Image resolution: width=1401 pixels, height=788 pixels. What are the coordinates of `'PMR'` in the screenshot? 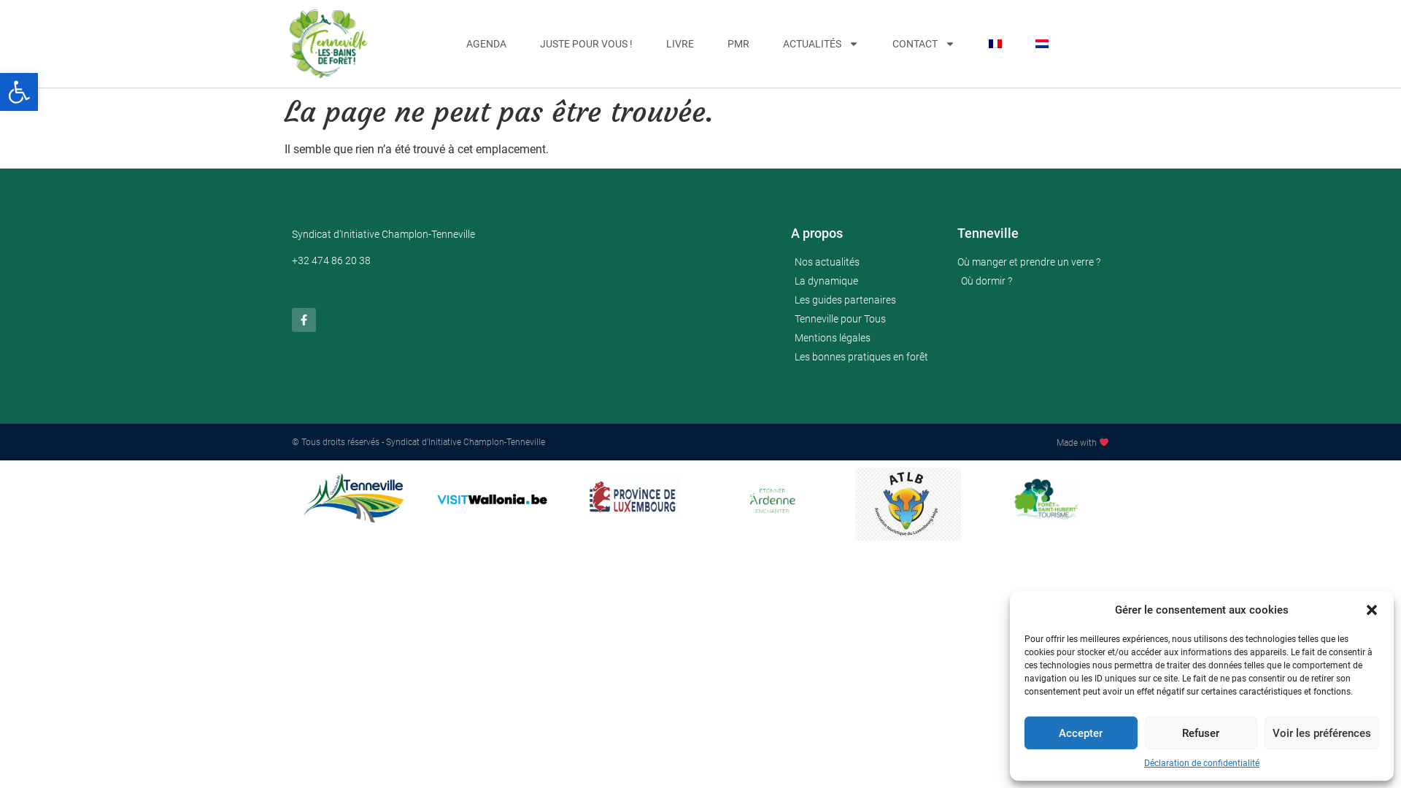 It's located at (738, 43).